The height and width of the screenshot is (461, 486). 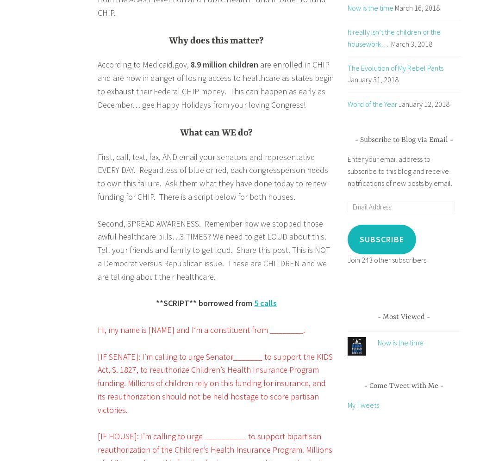 I want to click on 'Come Tweet with Me', so click(x=369, y=385).